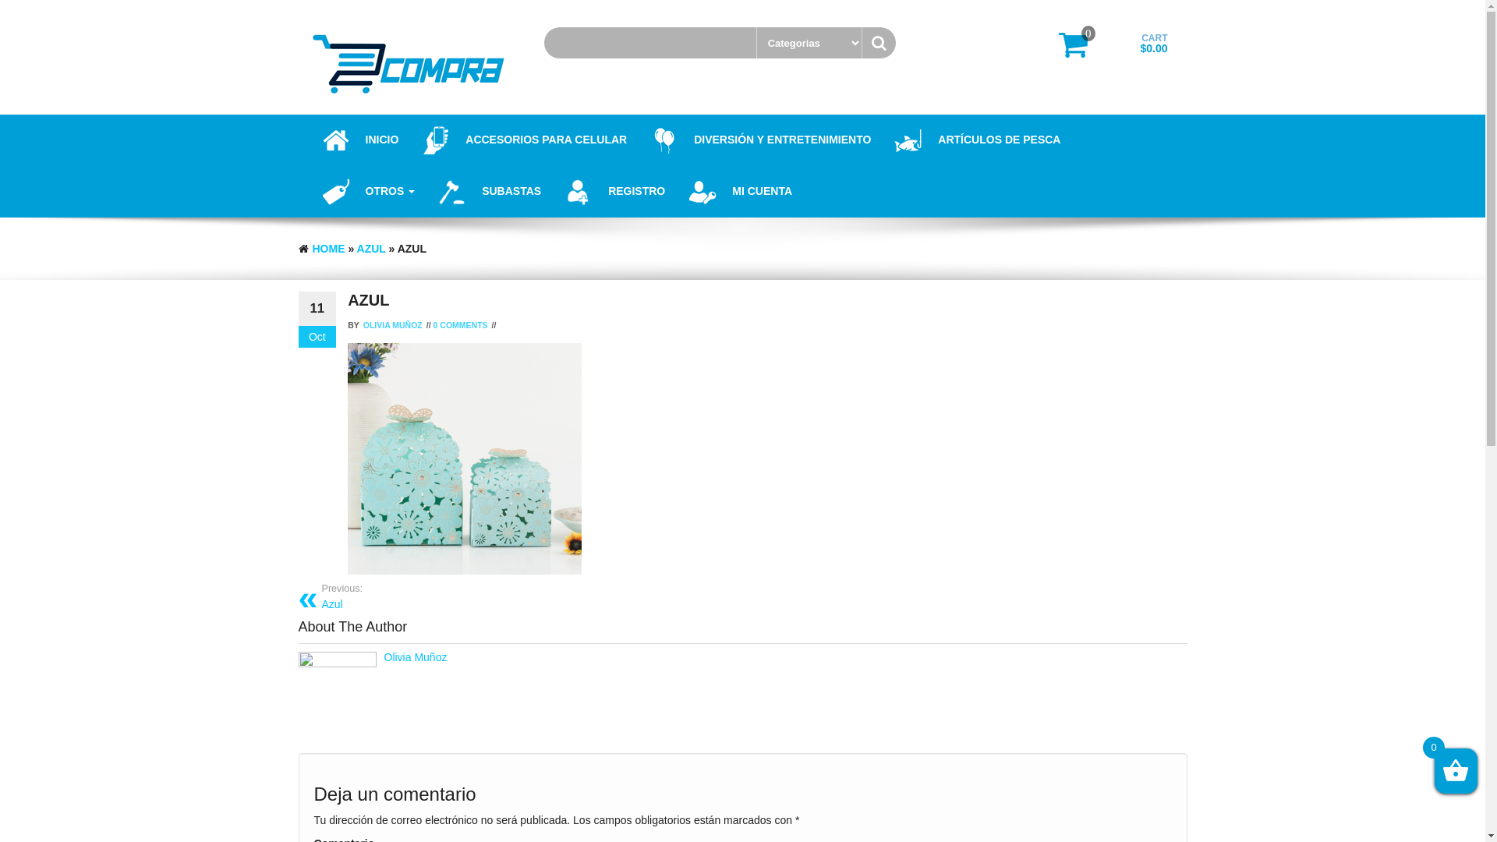 This screenshot has width=1497, height=842. What do you see at coordinates (356, 248) in the screenshot?
I see `'AZUL'` at bounding box center [356, 248].